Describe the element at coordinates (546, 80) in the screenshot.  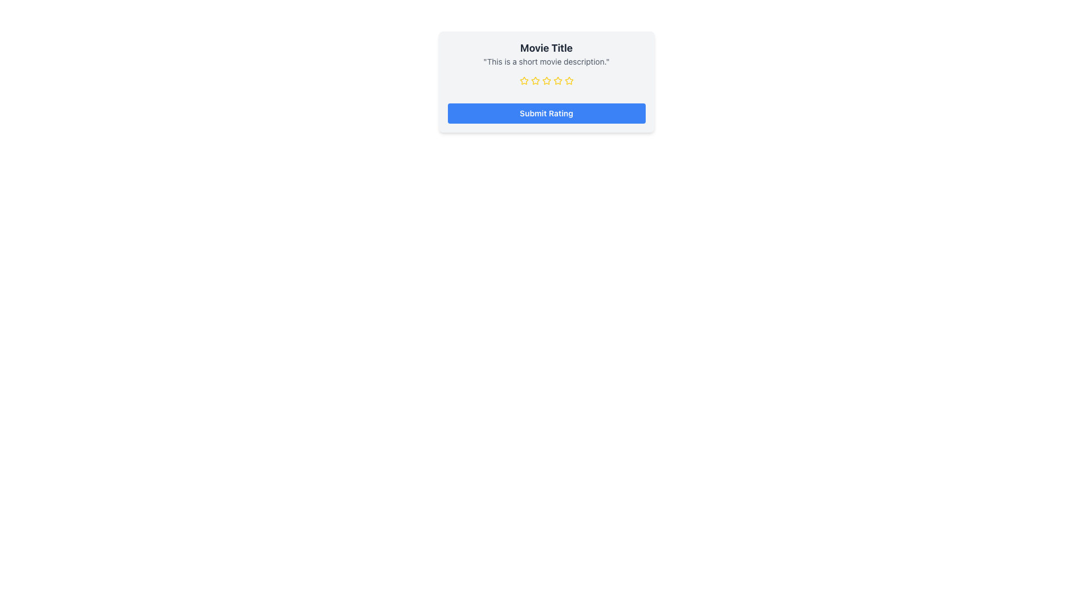
I see `the second yellow star icon in the 5-star rating system` at that location.